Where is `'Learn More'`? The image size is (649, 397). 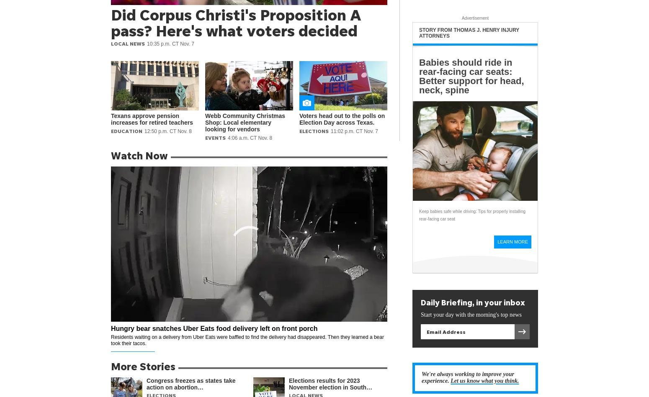 'Learn More' is located at coordinates (513, 241).